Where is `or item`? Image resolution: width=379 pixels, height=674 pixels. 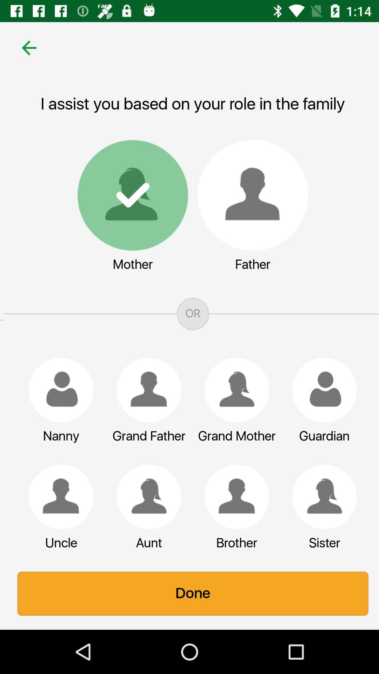
or item is located at coordinates (189, 313).